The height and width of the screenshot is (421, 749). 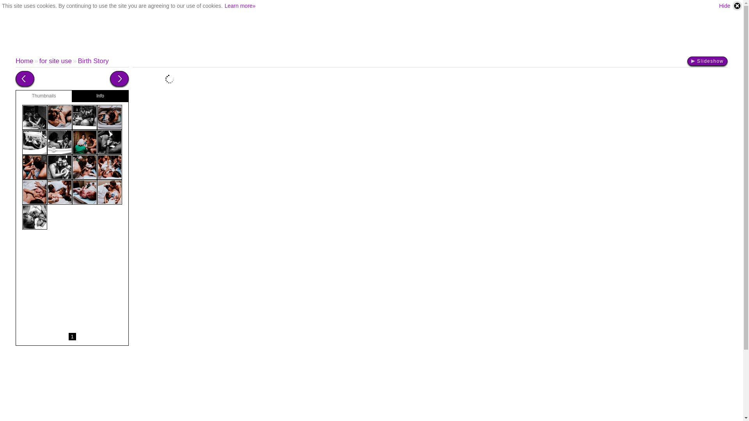 What do you see at coordinates (72, 336) in the screenshot?
I see `'1'` at bounding box center [72, 336].